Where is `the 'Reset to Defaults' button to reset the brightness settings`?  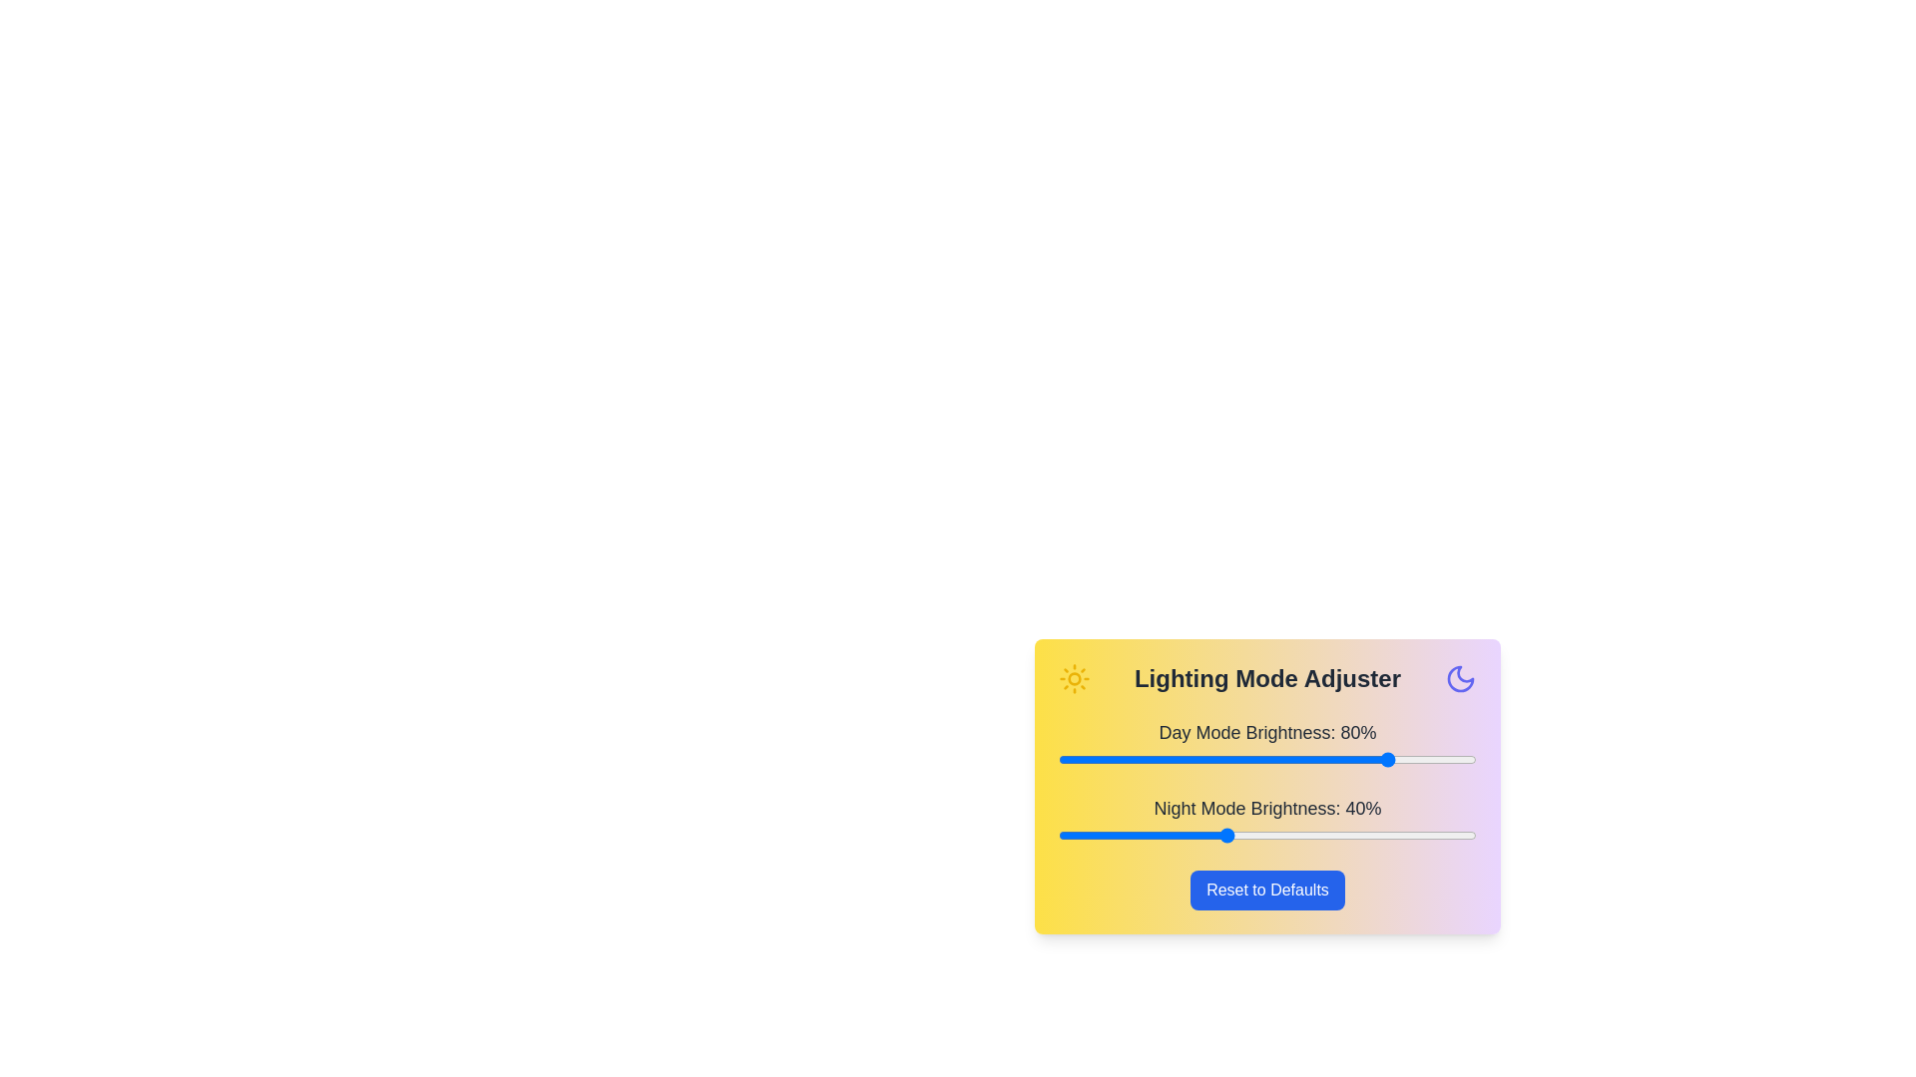 the 'Reset to Defaults' button to reset the brightness settings is located at coordinates (1266, 890).